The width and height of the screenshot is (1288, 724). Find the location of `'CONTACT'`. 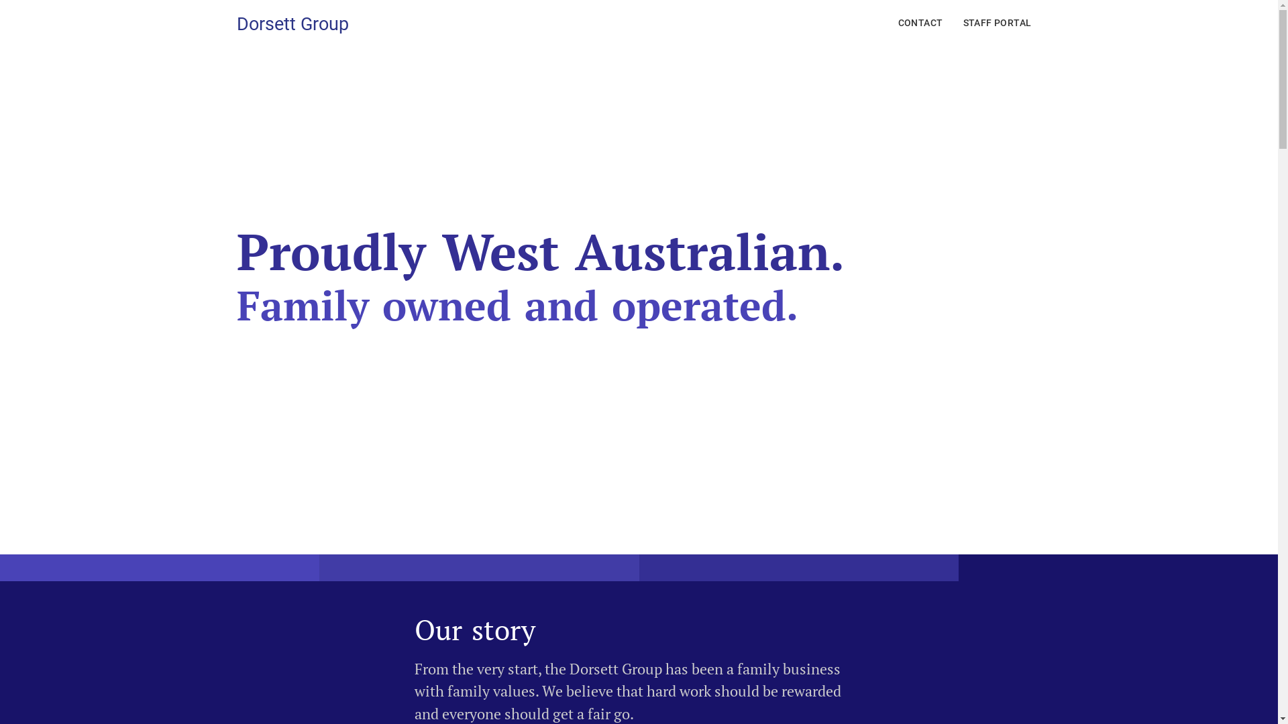

'CONTACT' is located at coordinates (920, 23).